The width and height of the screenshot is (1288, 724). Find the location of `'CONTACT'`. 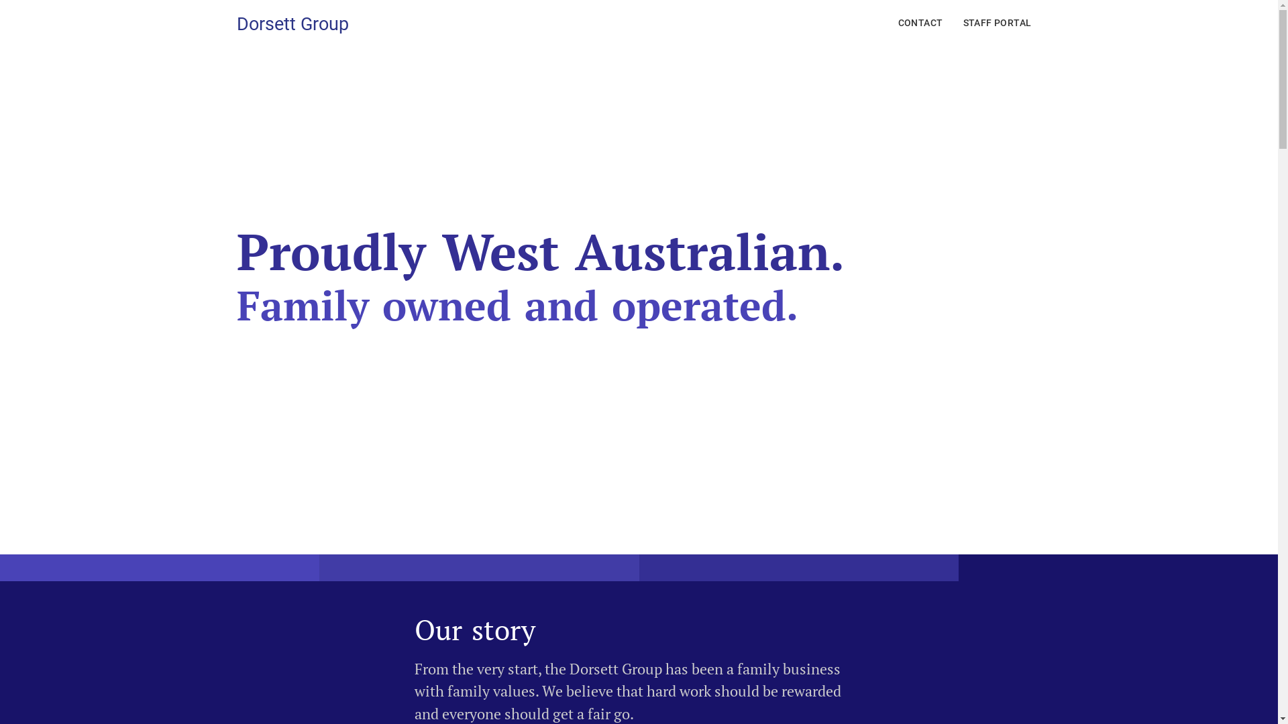

'CONTACT' is located at coordinates (920, 23).